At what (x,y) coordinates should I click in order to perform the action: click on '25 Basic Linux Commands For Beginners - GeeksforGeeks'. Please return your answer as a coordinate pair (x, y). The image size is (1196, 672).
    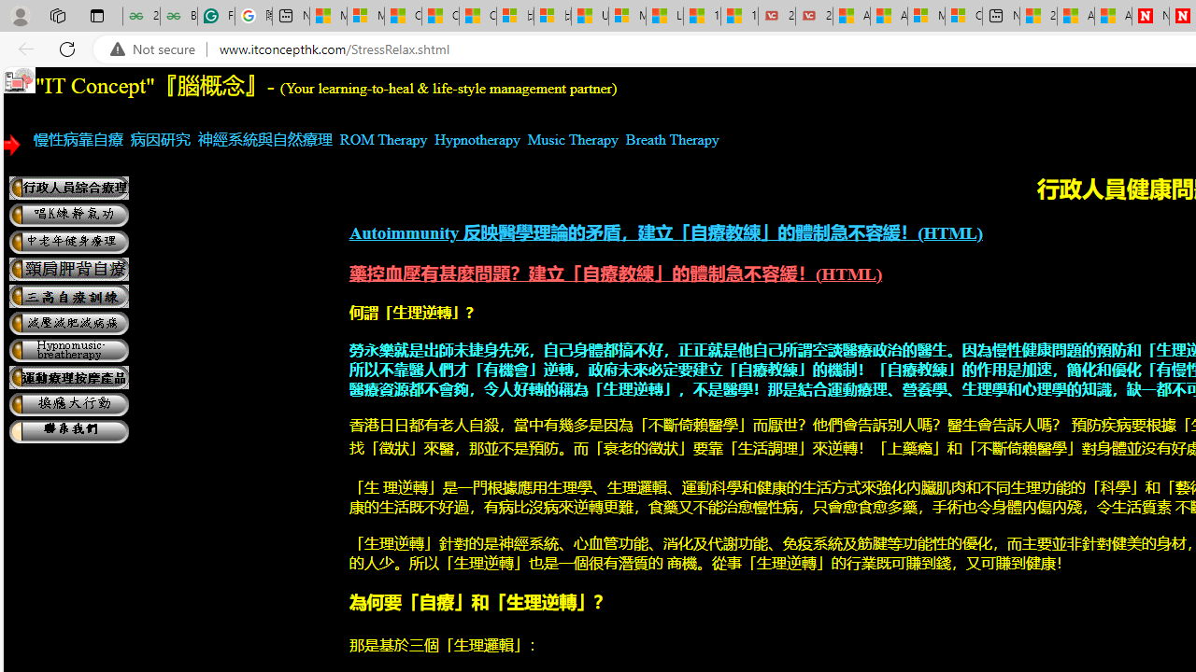
    Looking at the image, I should click on (140, 16).